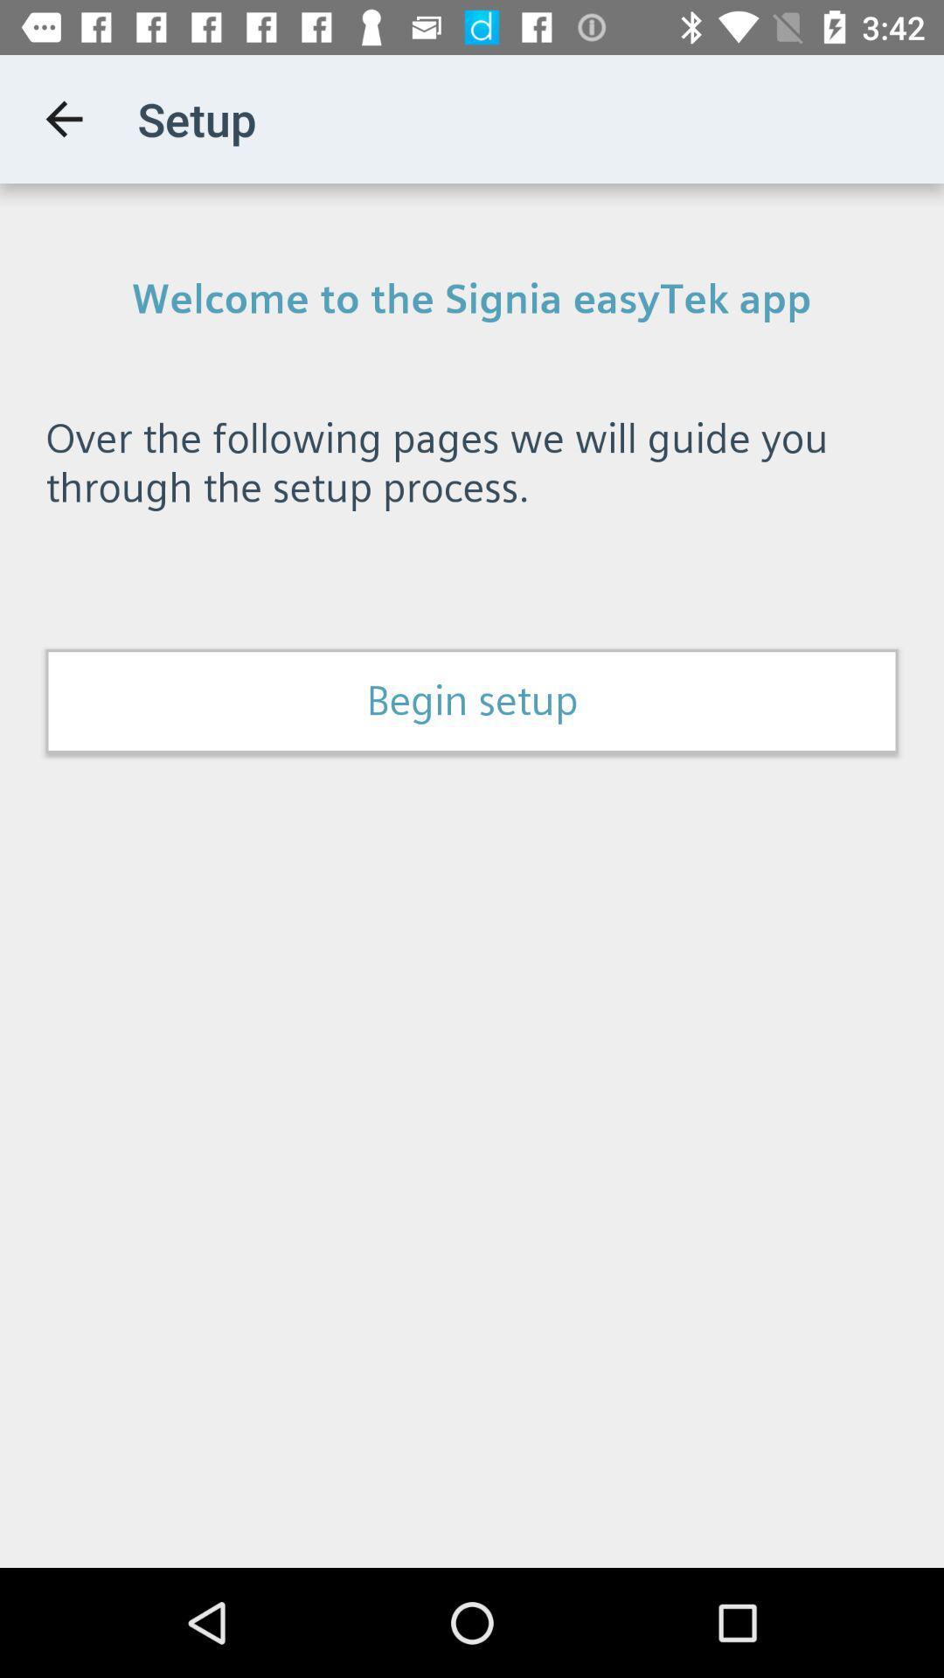 The width and height of the screenshot is (944, 1678). Describe the element at coordinates (472, 701) in the screenshot. I see `item below the over the following item` at that location.